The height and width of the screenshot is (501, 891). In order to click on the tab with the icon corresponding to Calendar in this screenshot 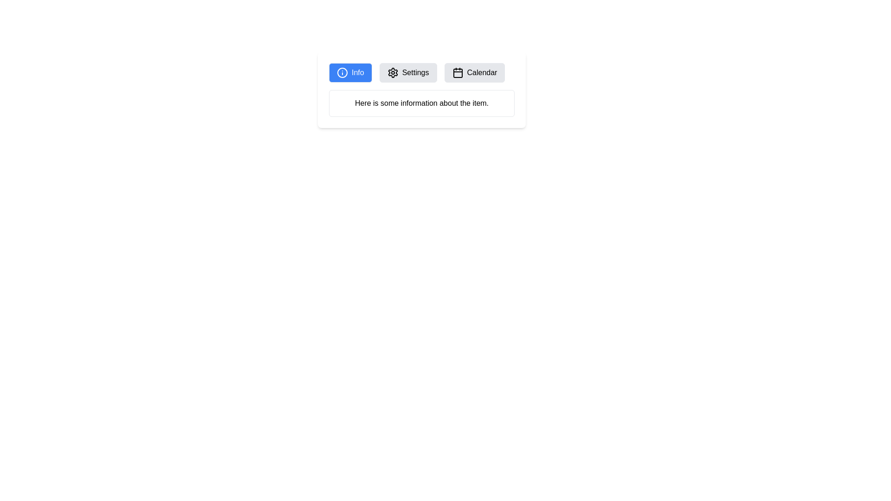, I will do `click(474, 72)`.